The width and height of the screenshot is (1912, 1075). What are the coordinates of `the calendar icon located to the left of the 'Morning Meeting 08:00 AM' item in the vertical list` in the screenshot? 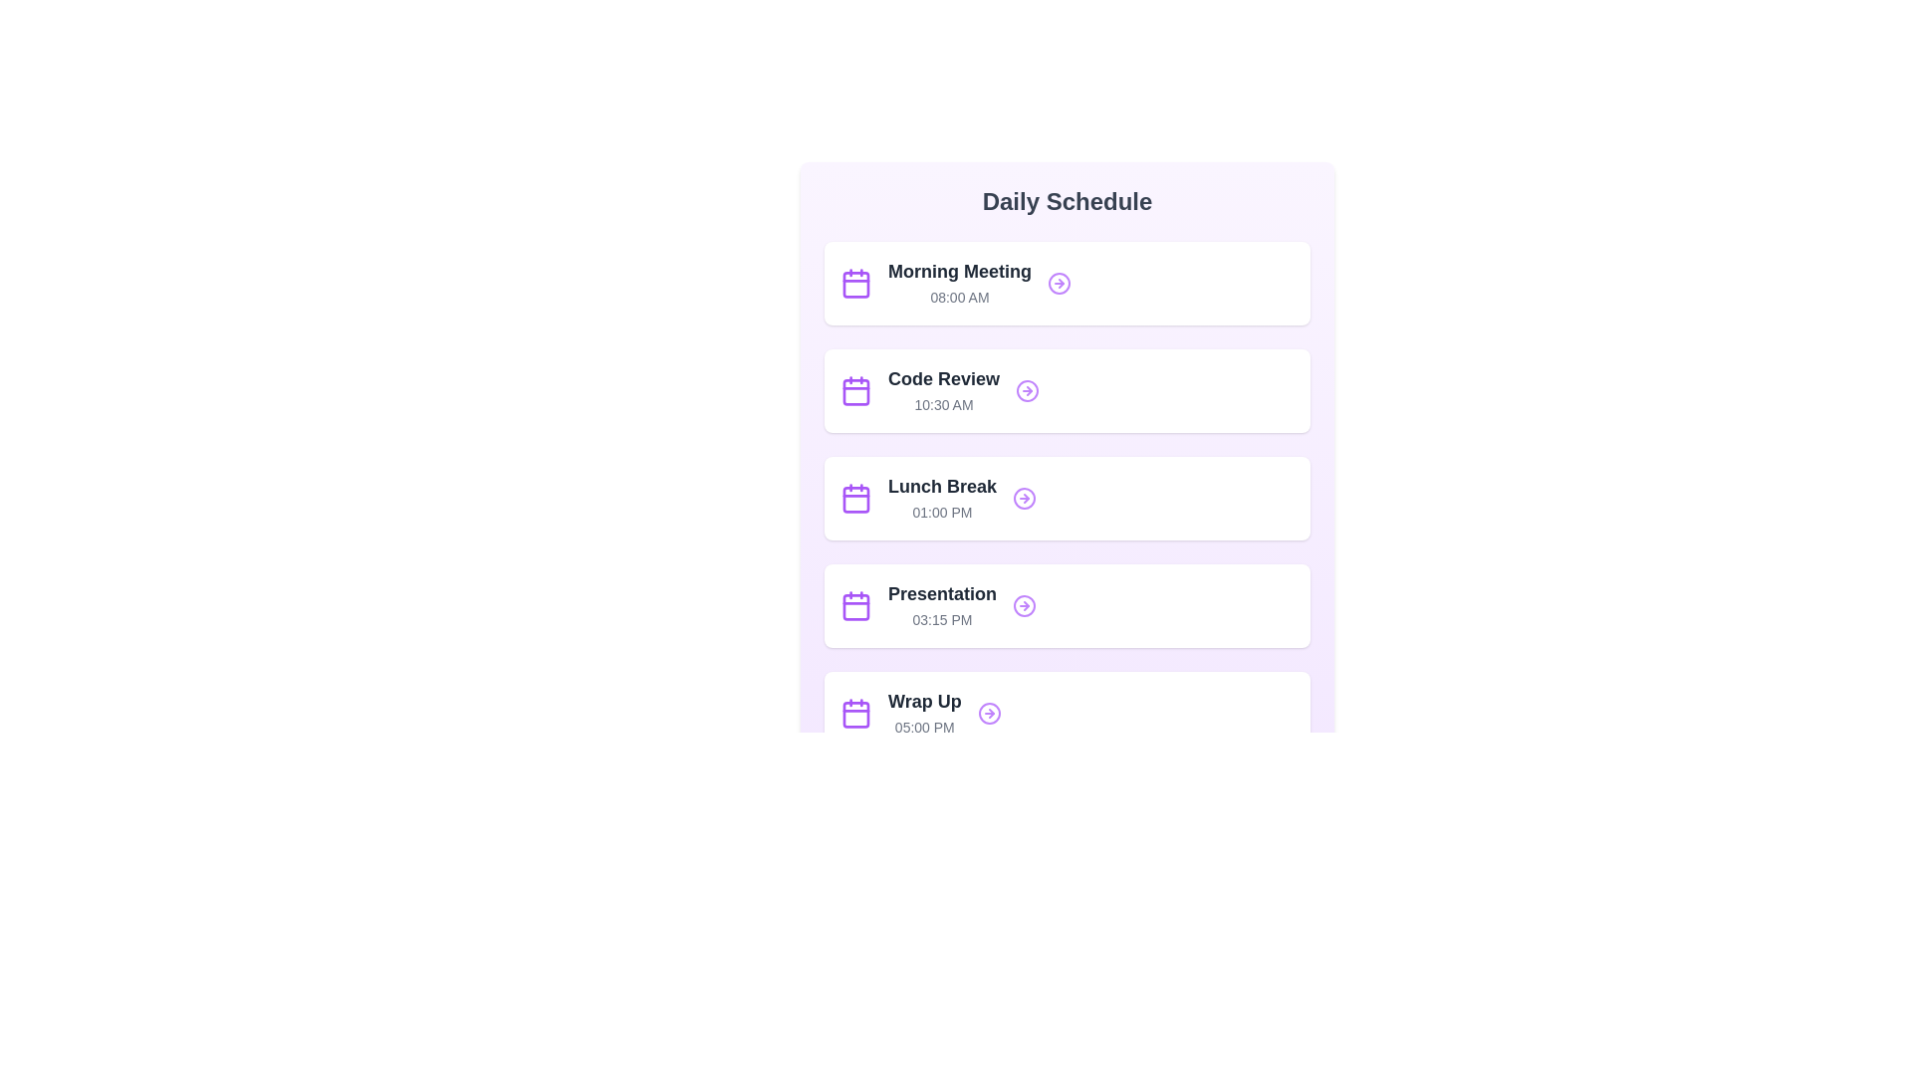 It's located at (855, 284).